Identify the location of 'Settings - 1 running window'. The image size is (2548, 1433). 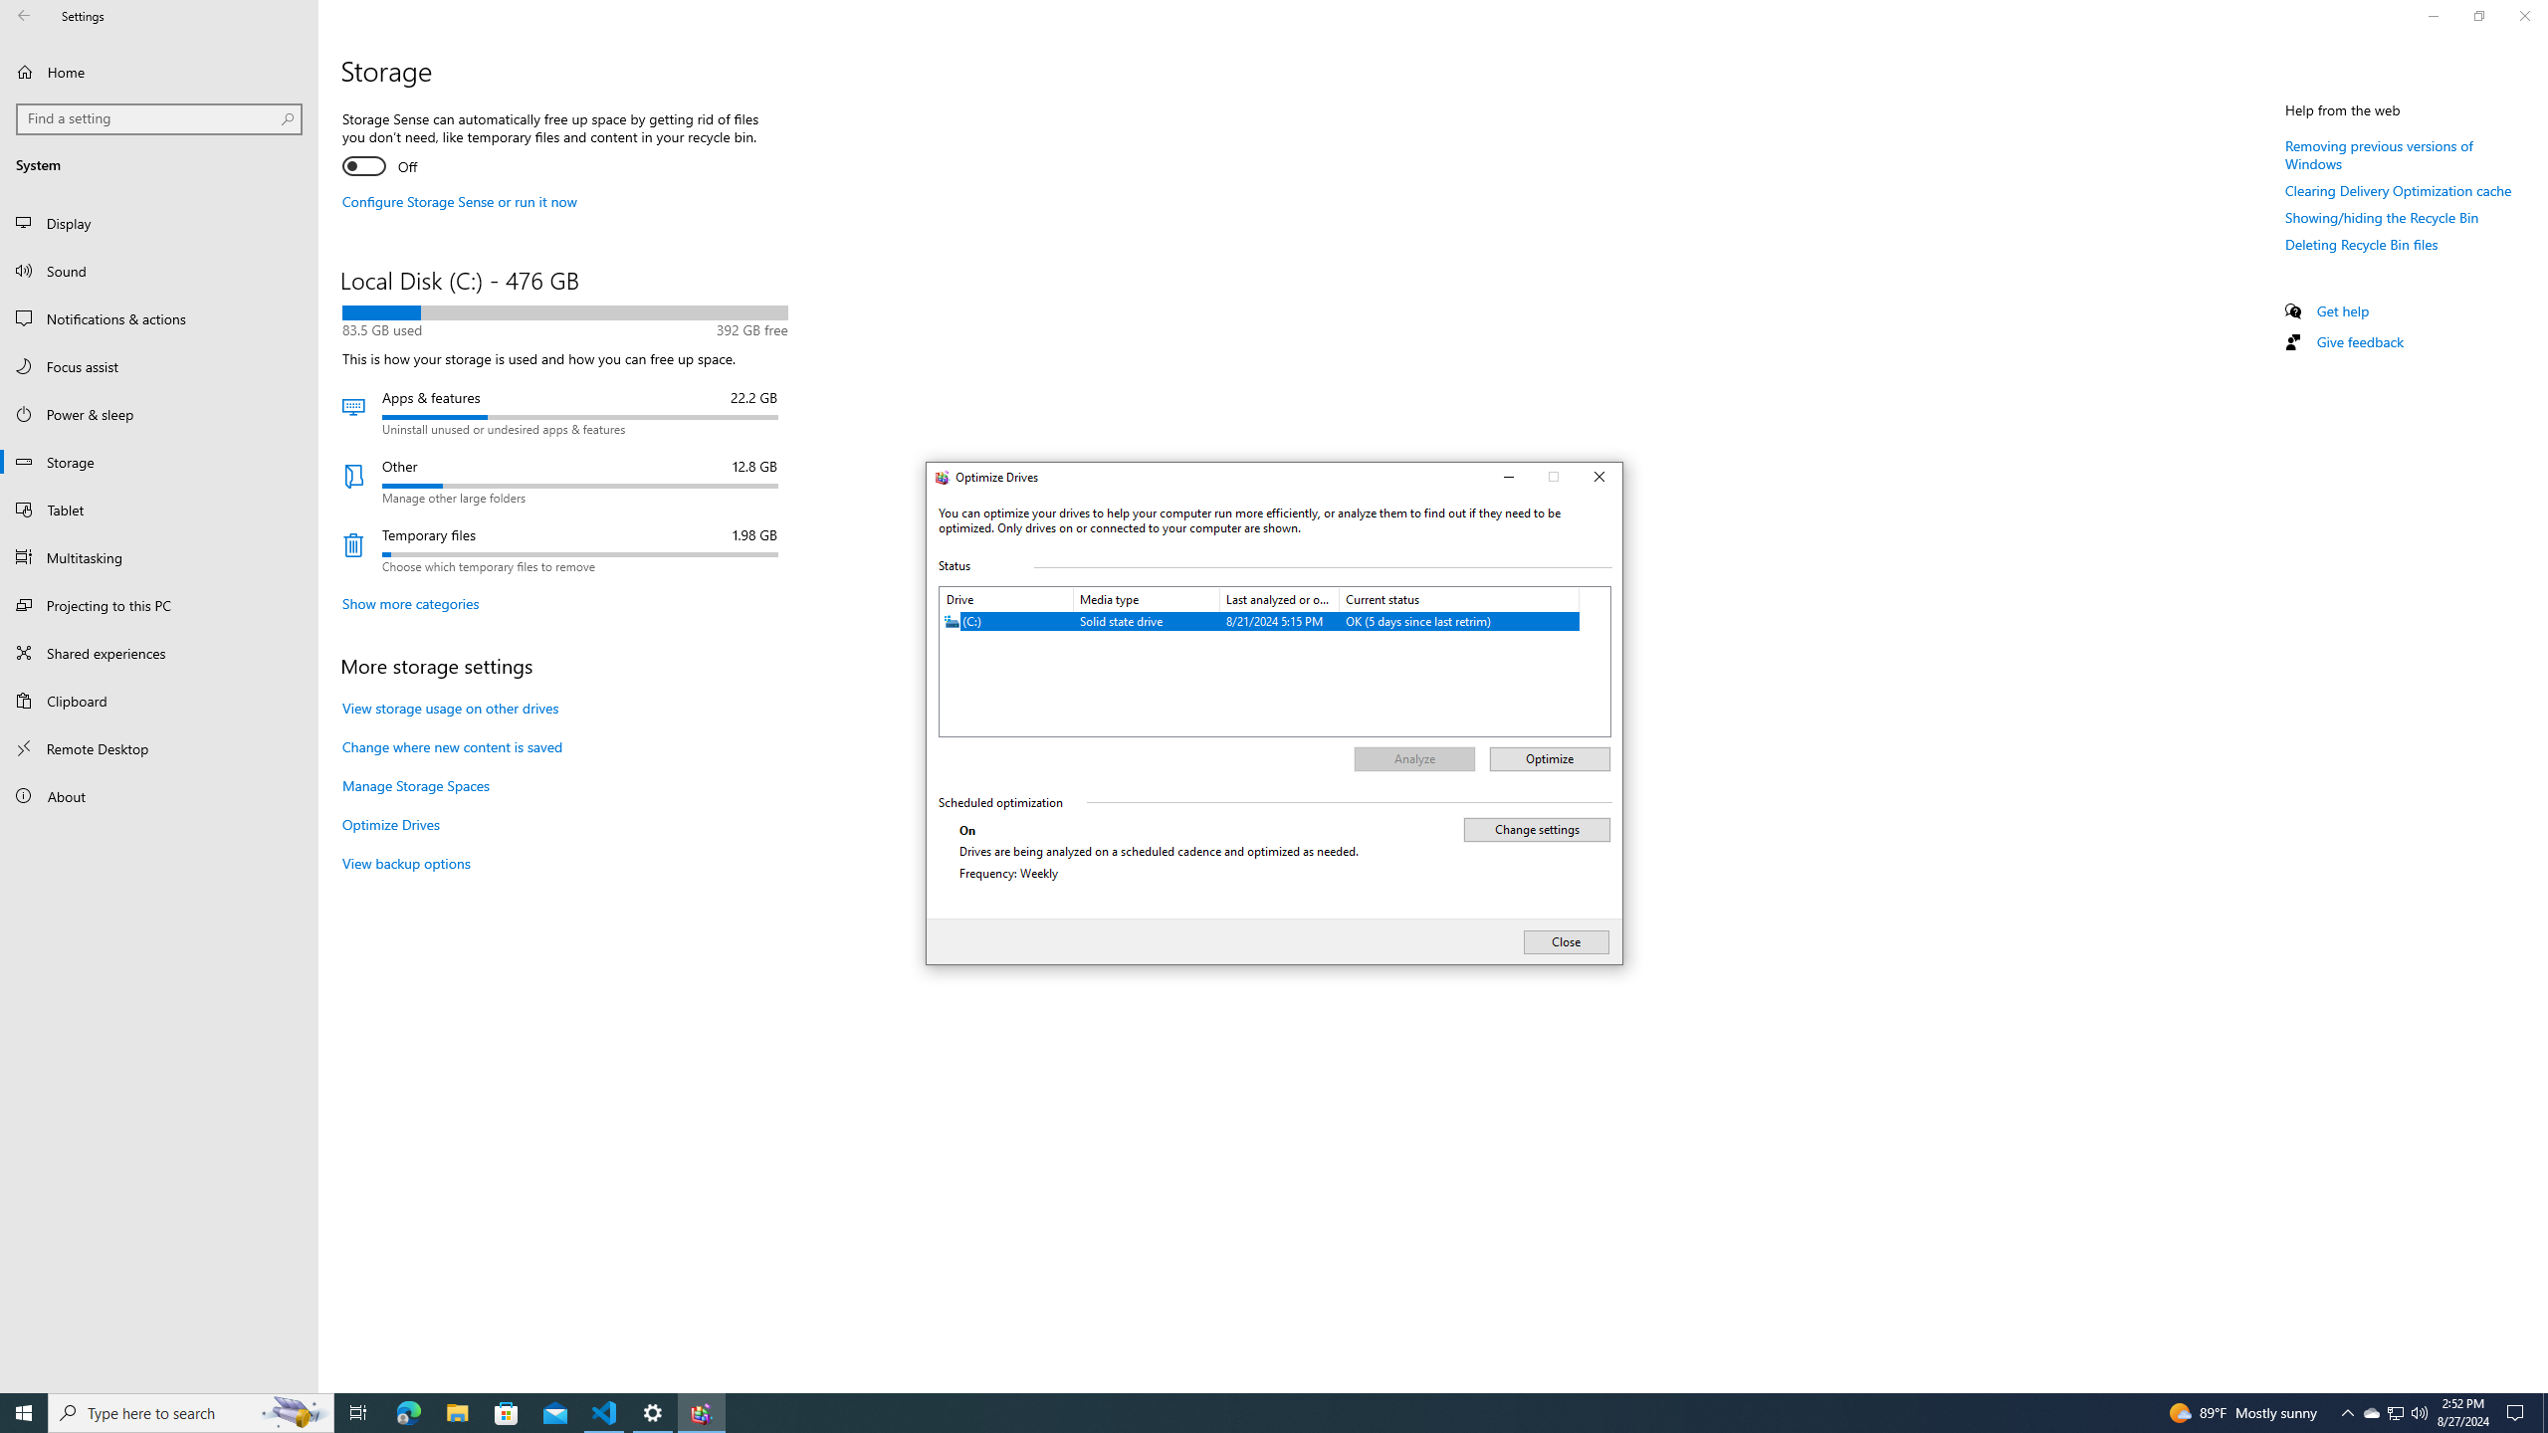
(653, 1411).